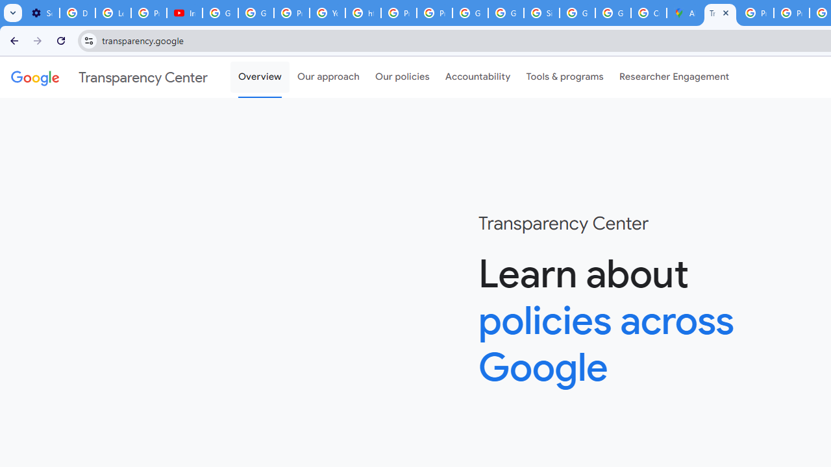  I want to click on 'Delete photos & videos - Computer - Google Photos Help', so click(77, 13).